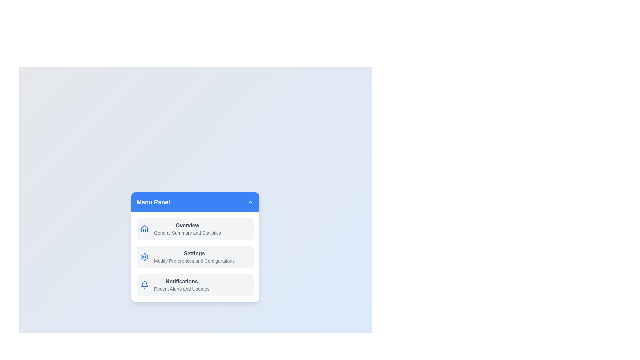 The width and height of the screenshot is (640, 360). What do you see at coordinates (195, 285) in the screenshot?
I see `the 'Notifications' menu item to select it` at bounding box center [195, 285].